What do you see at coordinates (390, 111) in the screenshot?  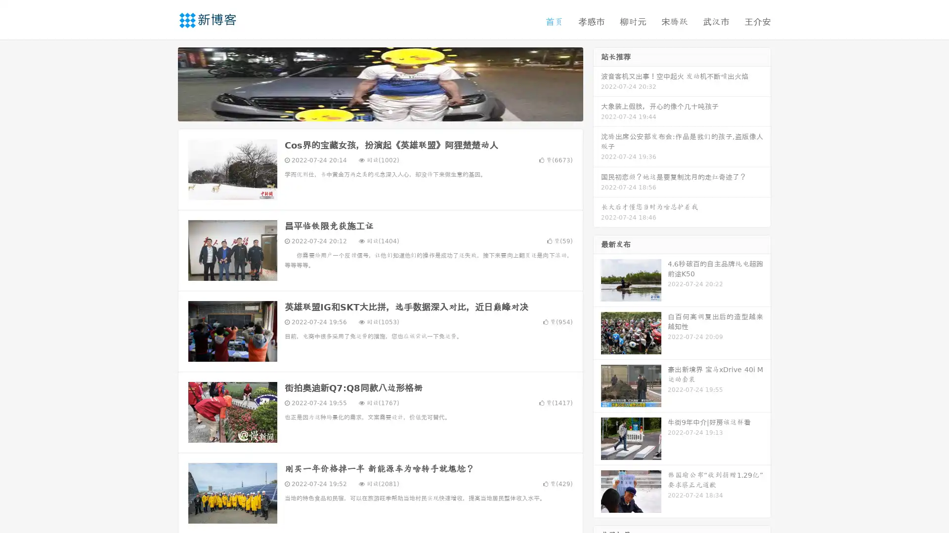 I see `Go to slide 3` at bounding box center [390, 111].